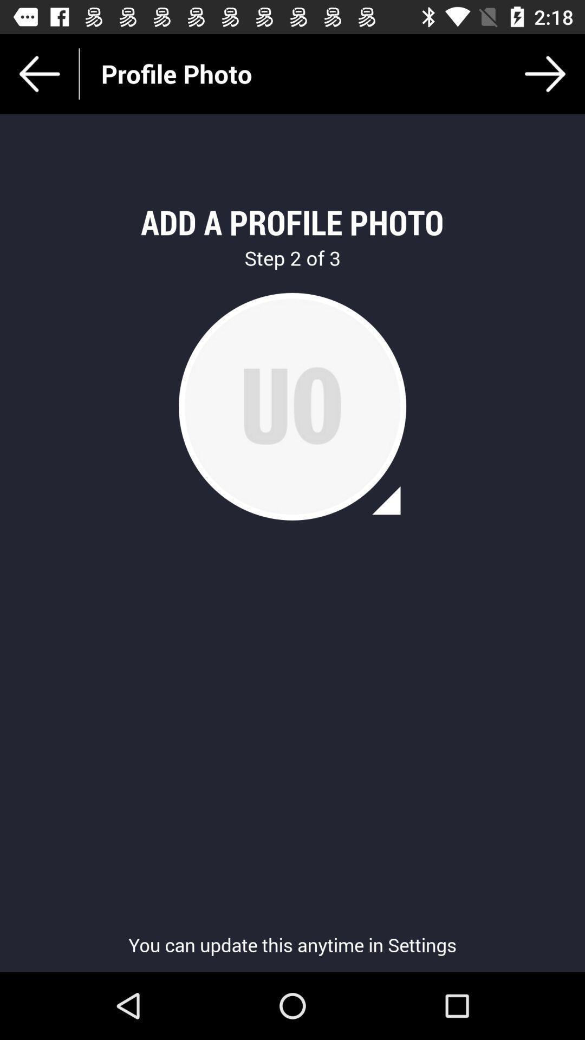 The width and height of the screenshot is (585, 1040). What do you see at coordinates (545, 73) in the screenshot?
I see `the arrow_forward icon` at bounding box center [545, 73].